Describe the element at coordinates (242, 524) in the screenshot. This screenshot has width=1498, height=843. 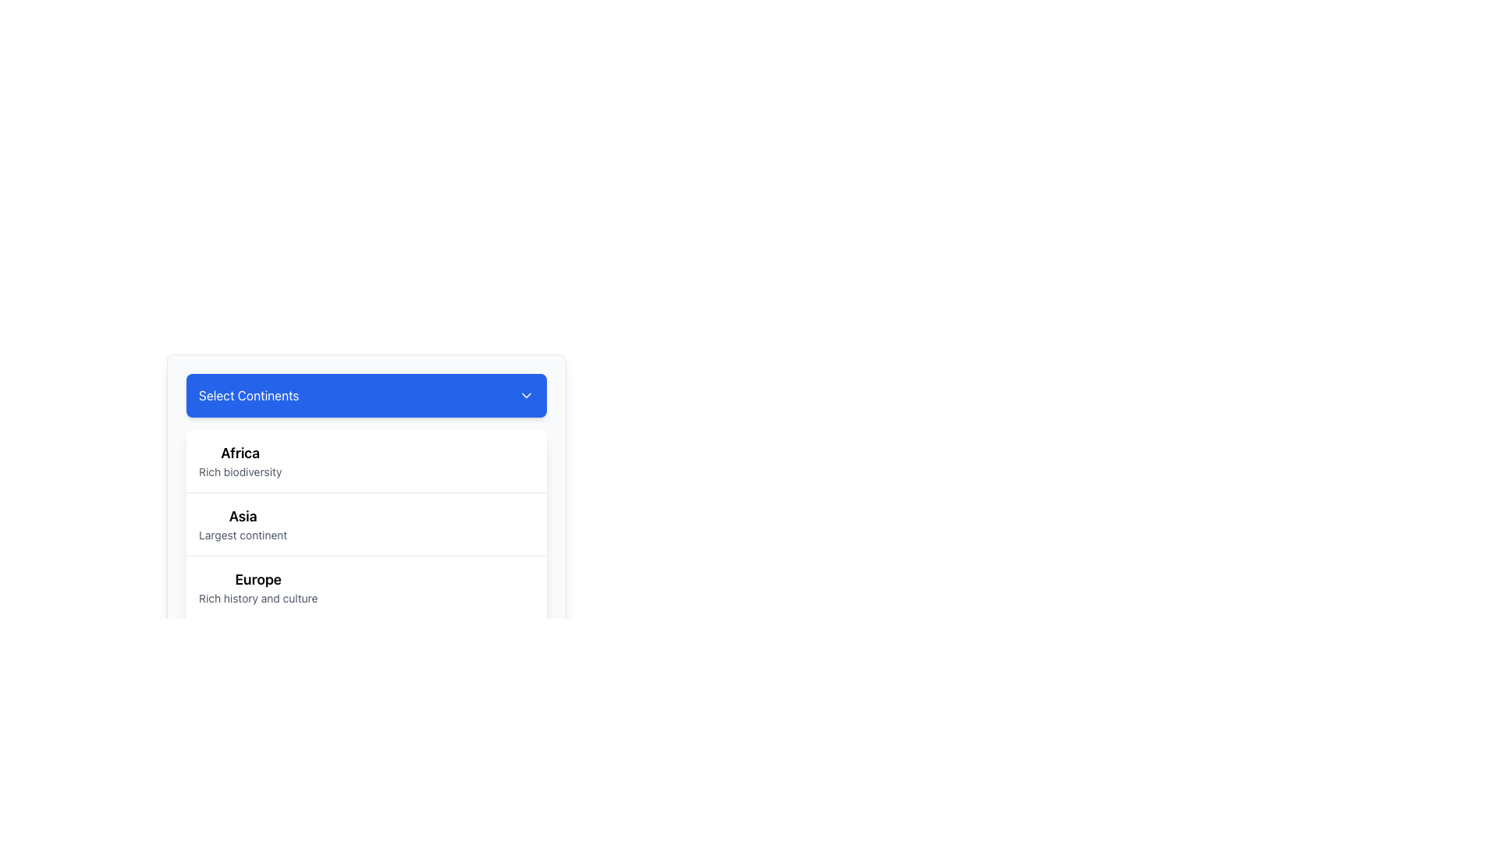
I see `the 'Asia' text option in the dropdown list` at that location.